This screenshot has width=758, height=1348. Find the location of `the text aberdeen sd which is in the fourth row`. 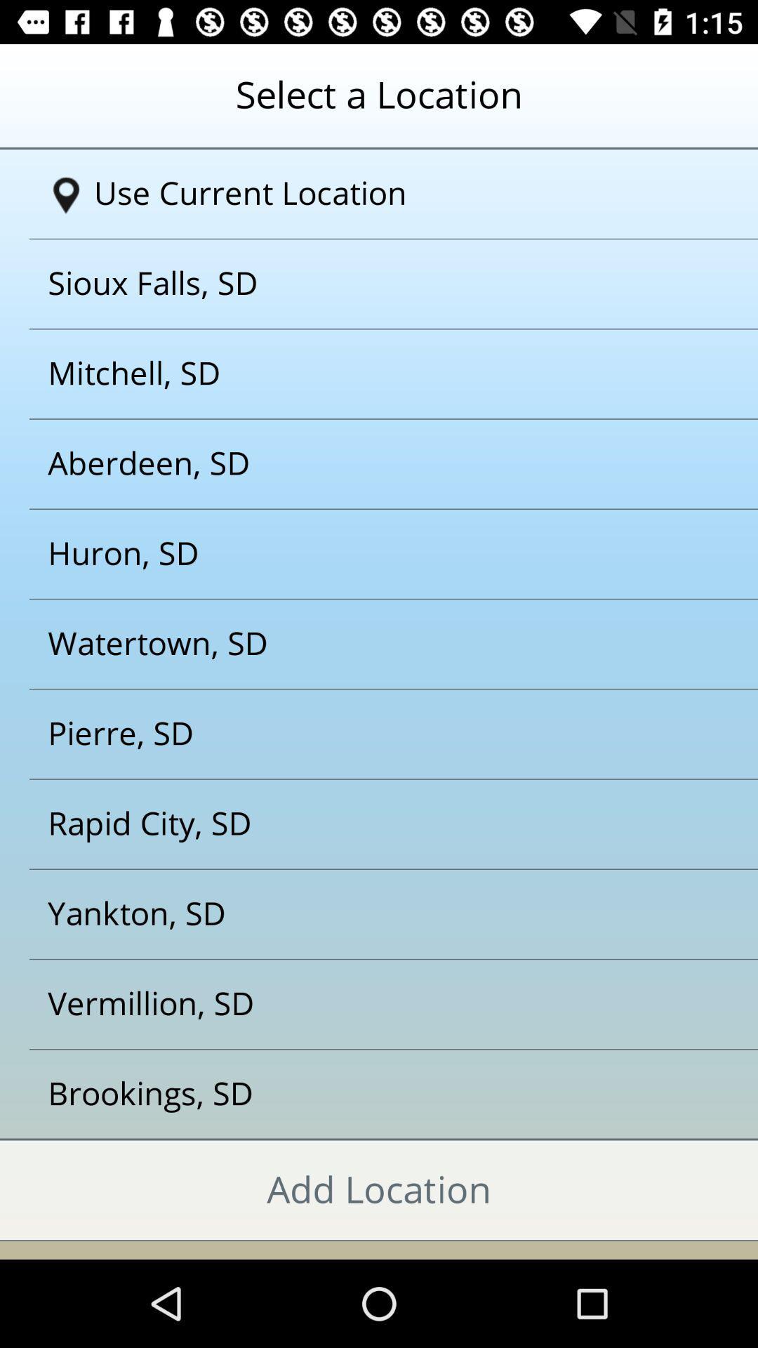

the text aberdeen sd which is in the fourth row is located at coordinates (361, 464).